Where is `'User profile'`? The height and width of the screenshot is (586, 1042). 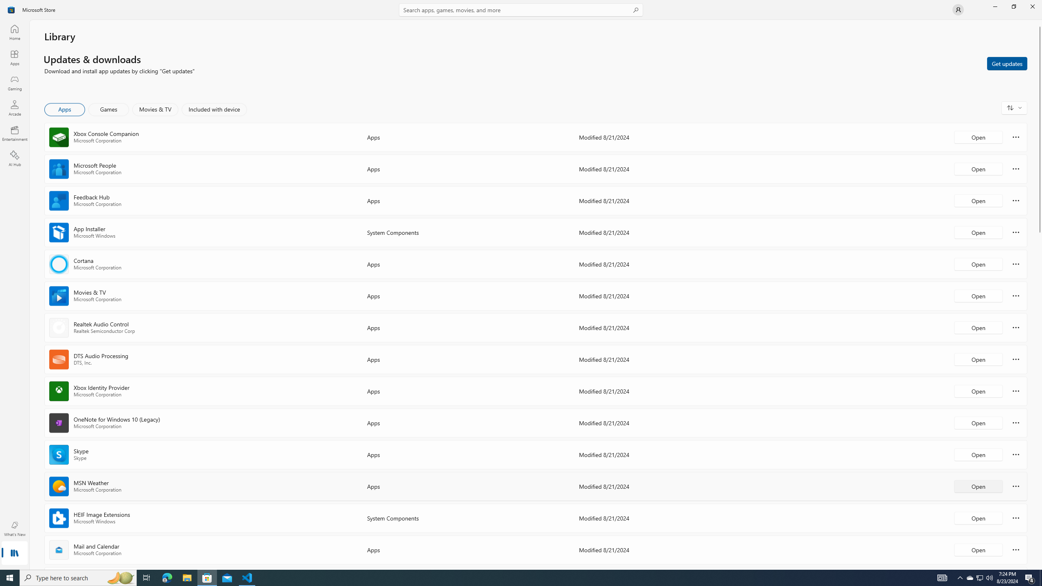
'User profile' is located at coordinates (957, 9).